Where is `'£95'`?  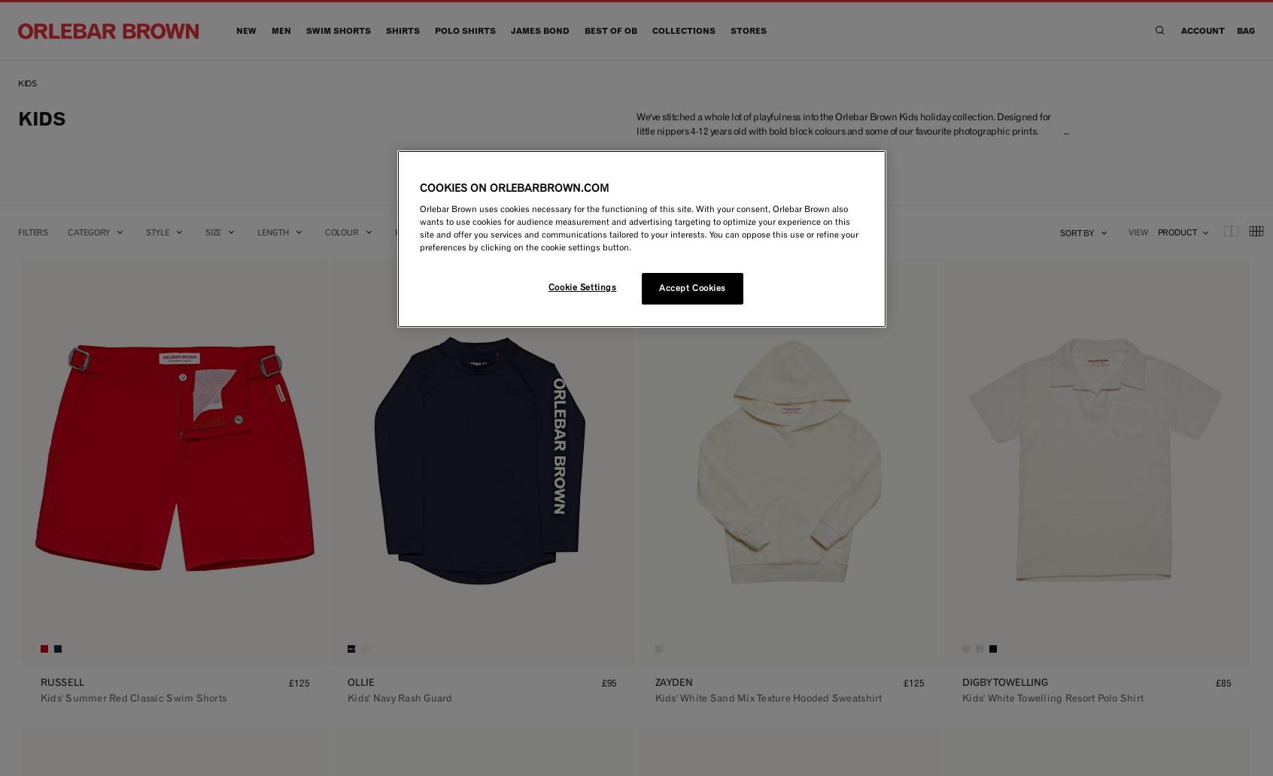 '£95' is located at coordinates (609, 681).